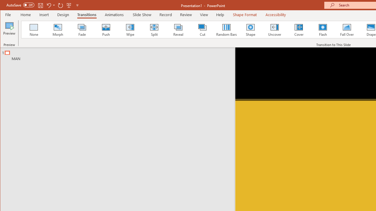  I want to click on 'Fall Over', so click(347, 29).